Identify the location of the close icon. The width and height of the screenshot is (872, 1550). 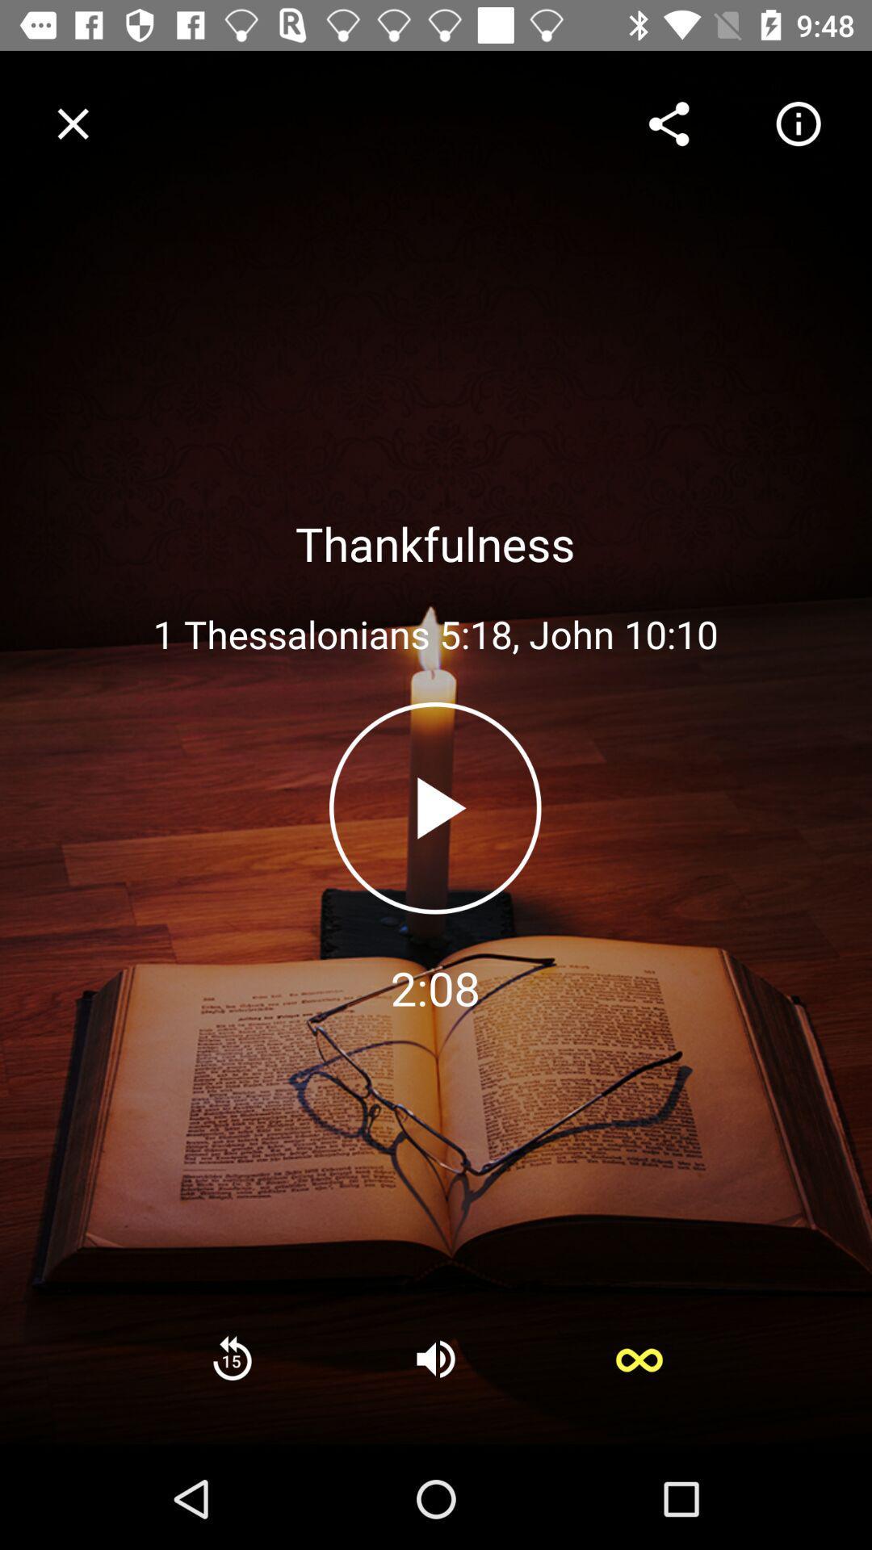
(73, 123).